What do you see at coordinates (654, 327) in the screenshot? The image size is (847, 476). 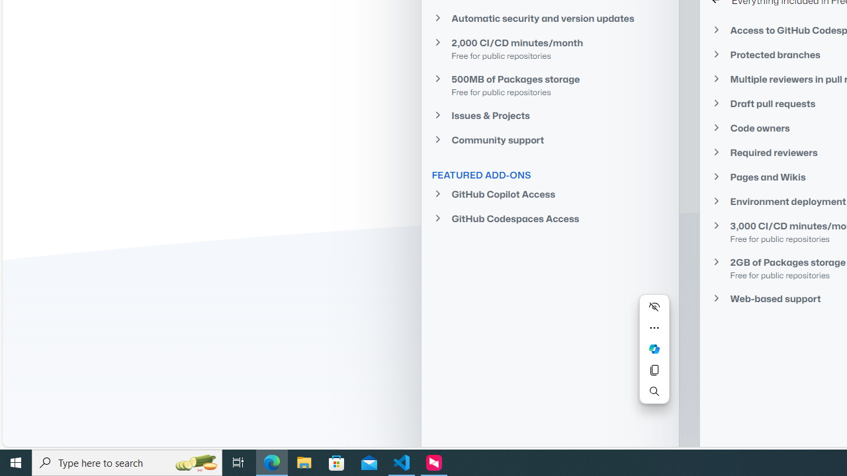 I see `'More actions'` at bounding box center [654, 327].